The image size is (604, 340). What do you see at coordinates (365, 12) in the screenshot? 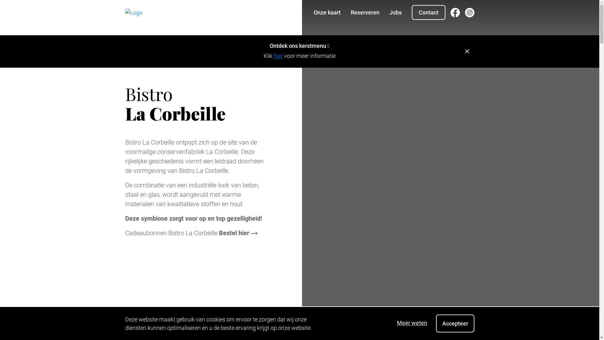
I see `'Reserveren'` at bounding box center [365, 12].